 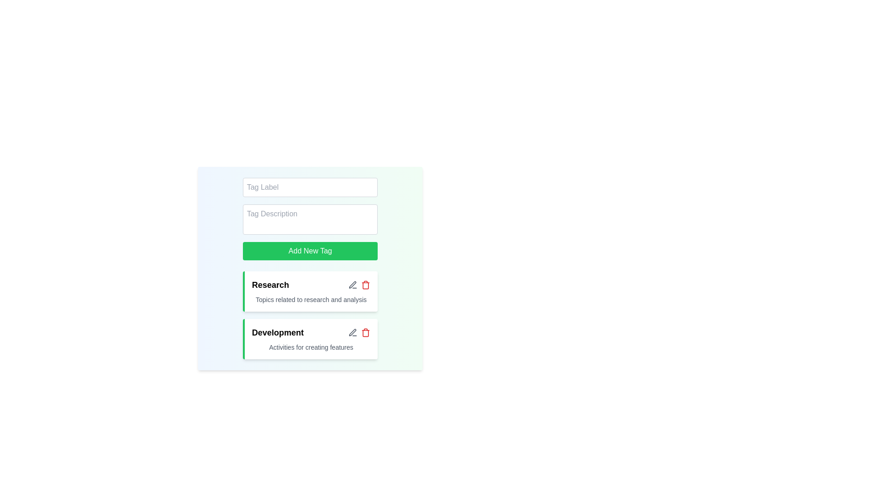 What do you see at coordinates (352, 284) in the screenshot?
I see `the editing button located in the second card labeled 'Development', positioned to the right of the text 'Development' and above the delete icon` at bounding box center [352, 284].